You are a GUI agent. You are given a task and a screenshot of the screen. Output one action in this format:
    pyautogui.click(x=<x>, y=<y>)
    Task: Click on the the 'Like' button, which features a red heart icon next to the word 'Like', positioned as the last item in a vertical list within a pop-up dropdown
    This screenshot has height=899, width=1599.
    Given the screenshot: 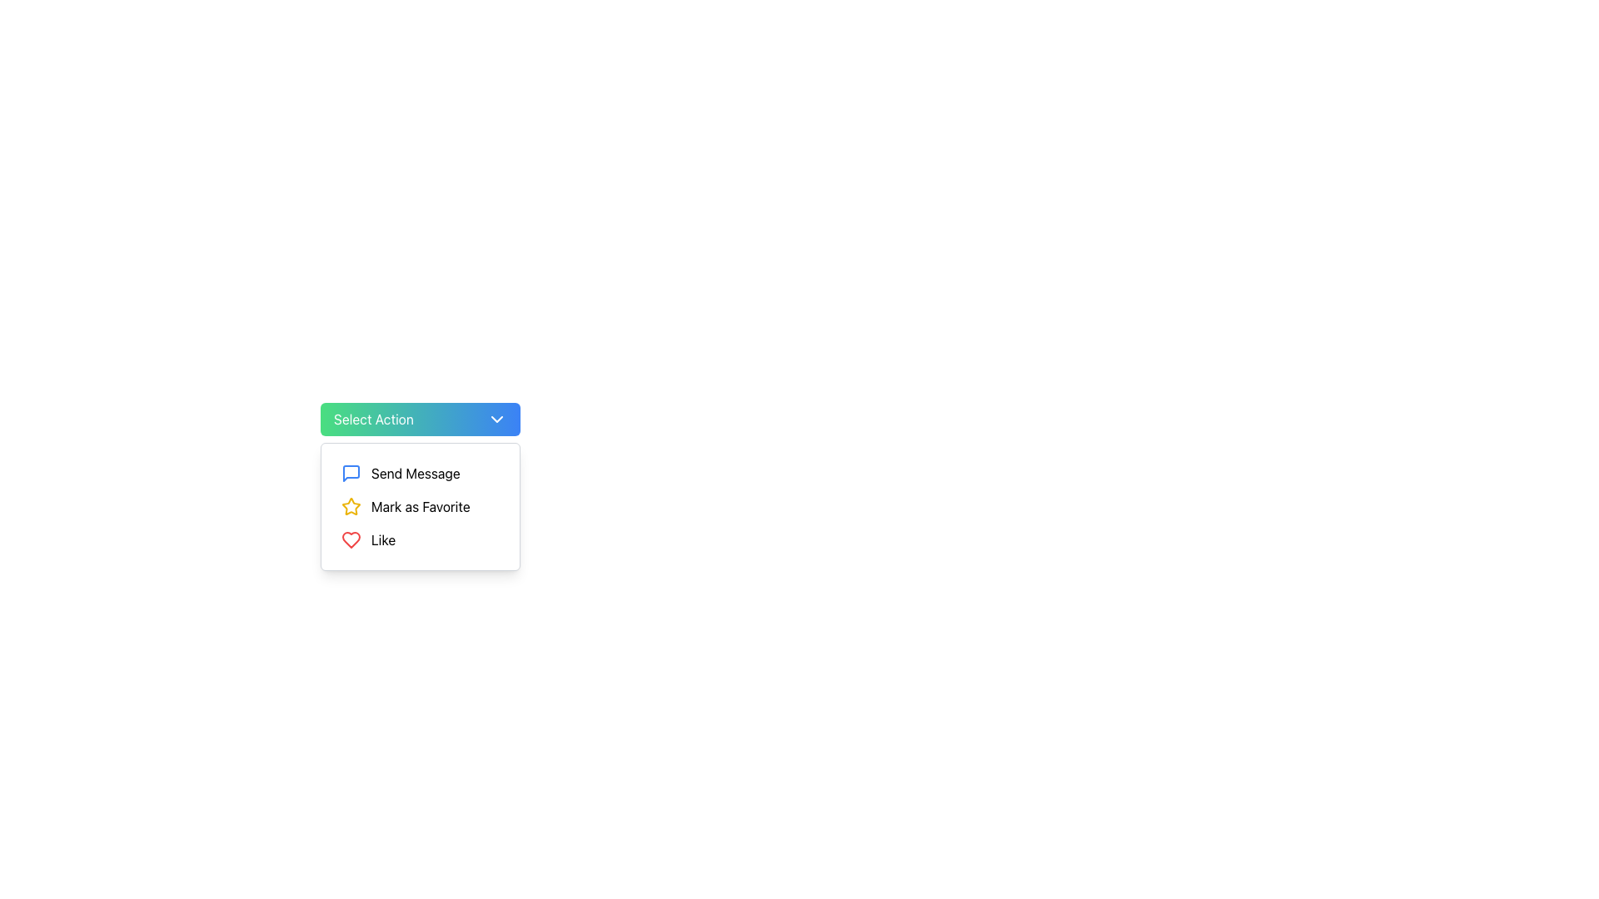 What is the action you would take?
    pyautogui.click(x=420, y=539)
    